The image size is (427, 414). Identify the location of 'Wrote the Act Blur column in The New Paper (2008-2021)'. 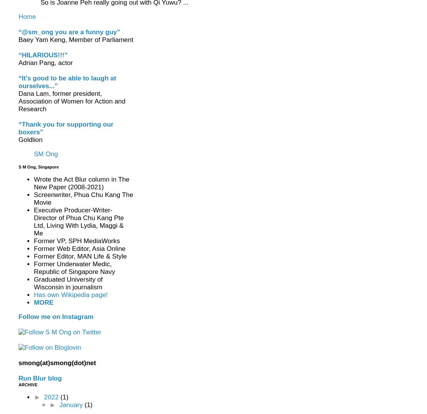
(81, 183).